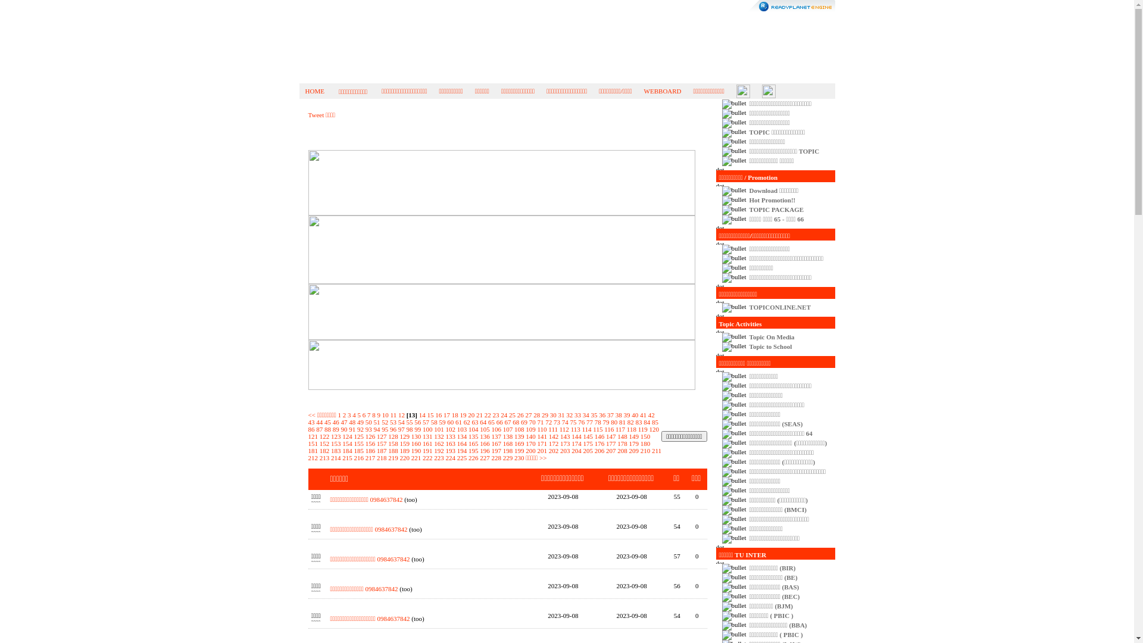 This screenshot has width=1143, height=643. Describe the element at coordinates (541, 429) in the screenshot. I see `'110'` at that location.